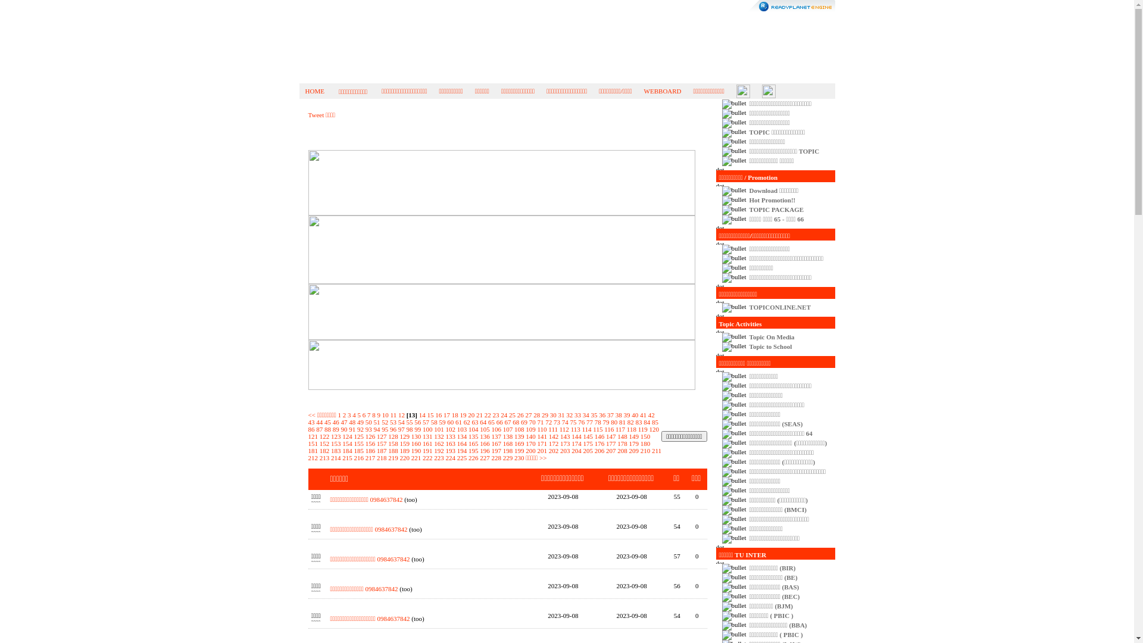 This screenshot has width=1143, height=643. Describe the element at coordinates (541, 429) in the screenshot. I see `'110'` at that location.